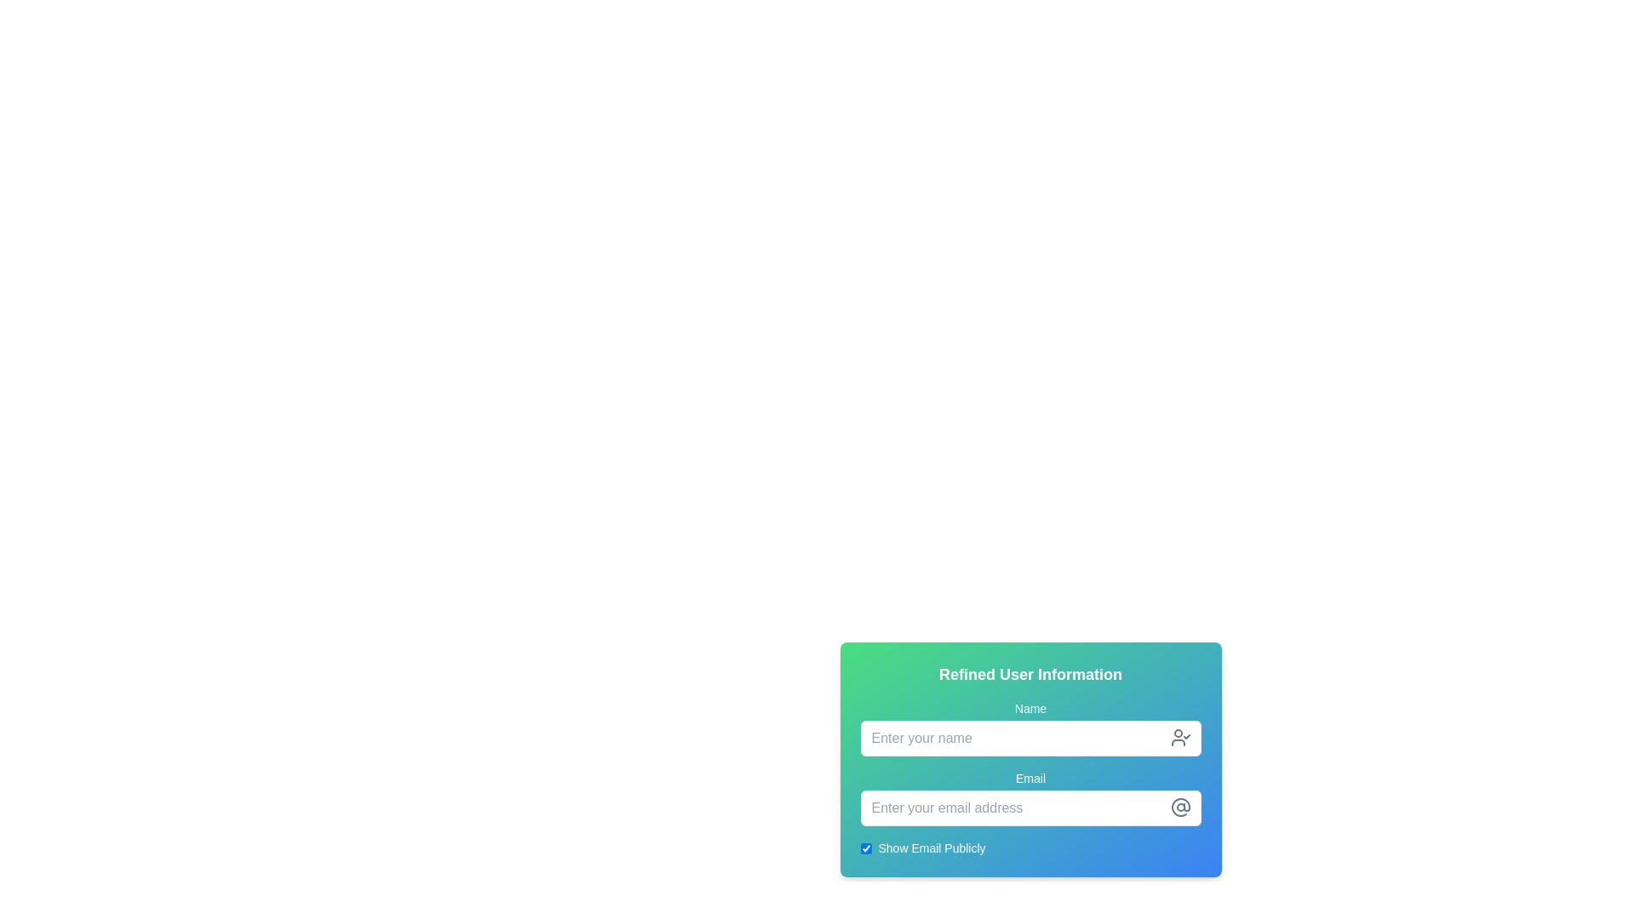 The height and width of the screenshot is (919, 1635). What do you see at coordinates (931, 848) in the screenshot?
I see `the descriptive label indicating the feature of displaying email information publicly, which is located to the right of the associated checkbox near the bottom of the form` at bounding box center [931, 848].